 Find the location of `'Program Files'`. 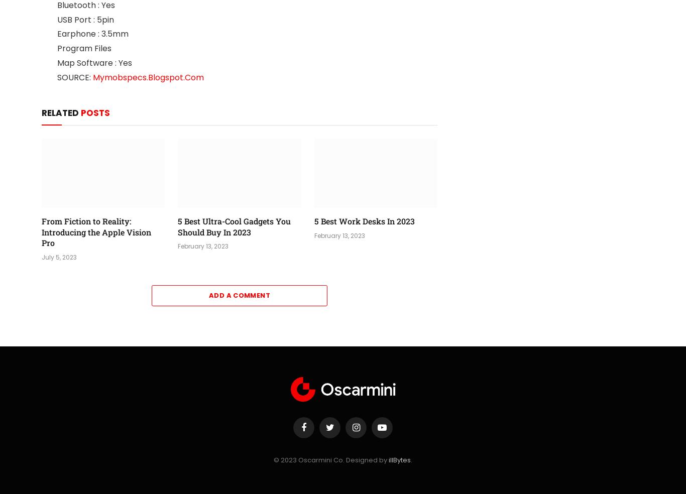

'Program Files' is located at coordinates (84, 48).